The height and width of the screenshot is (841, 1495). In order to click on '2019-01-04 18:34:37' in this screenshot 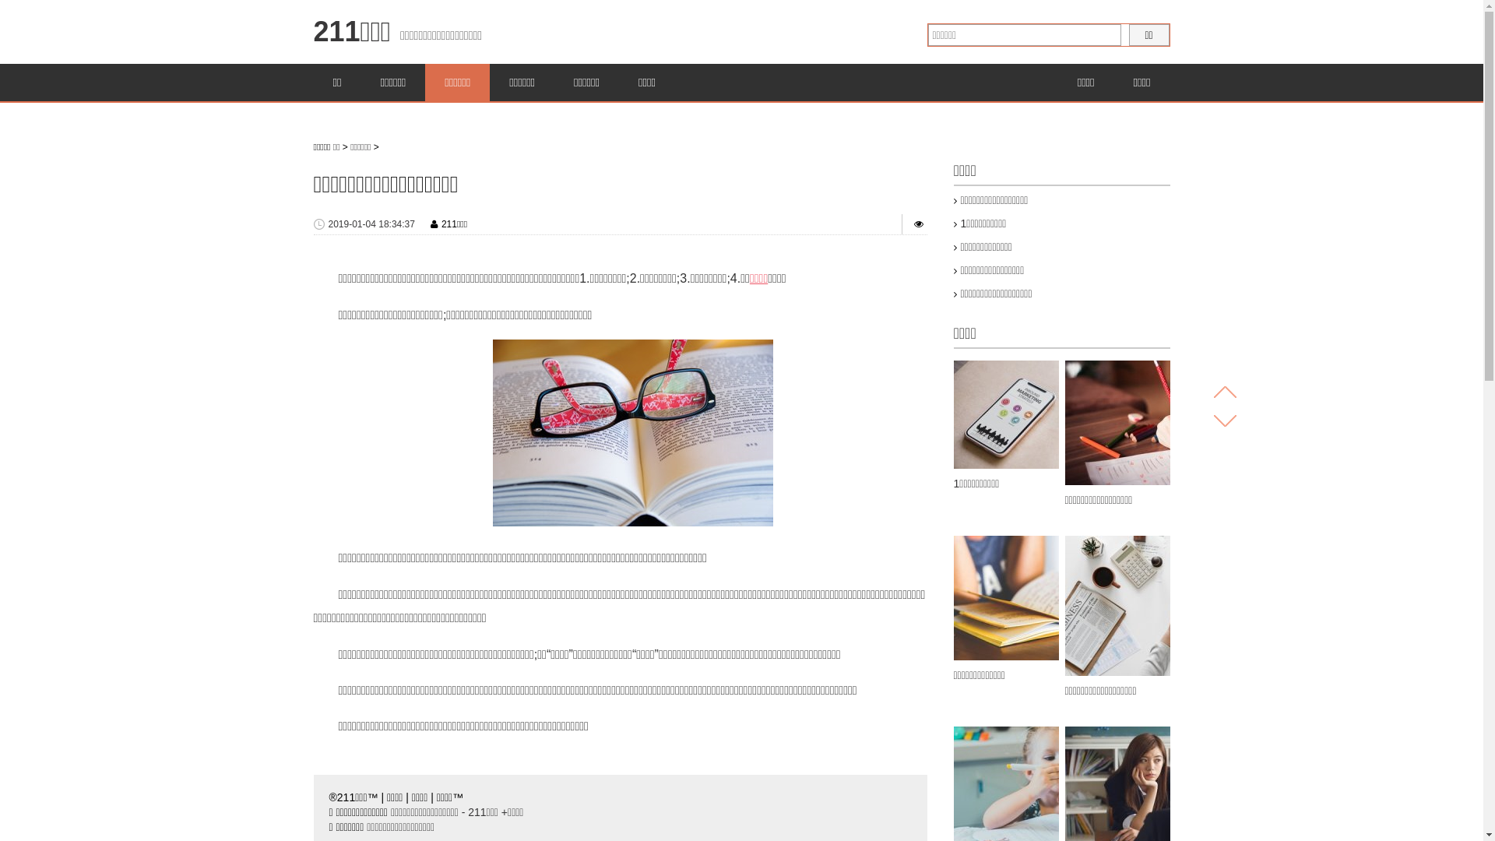, I will do `click(328, 224)`.